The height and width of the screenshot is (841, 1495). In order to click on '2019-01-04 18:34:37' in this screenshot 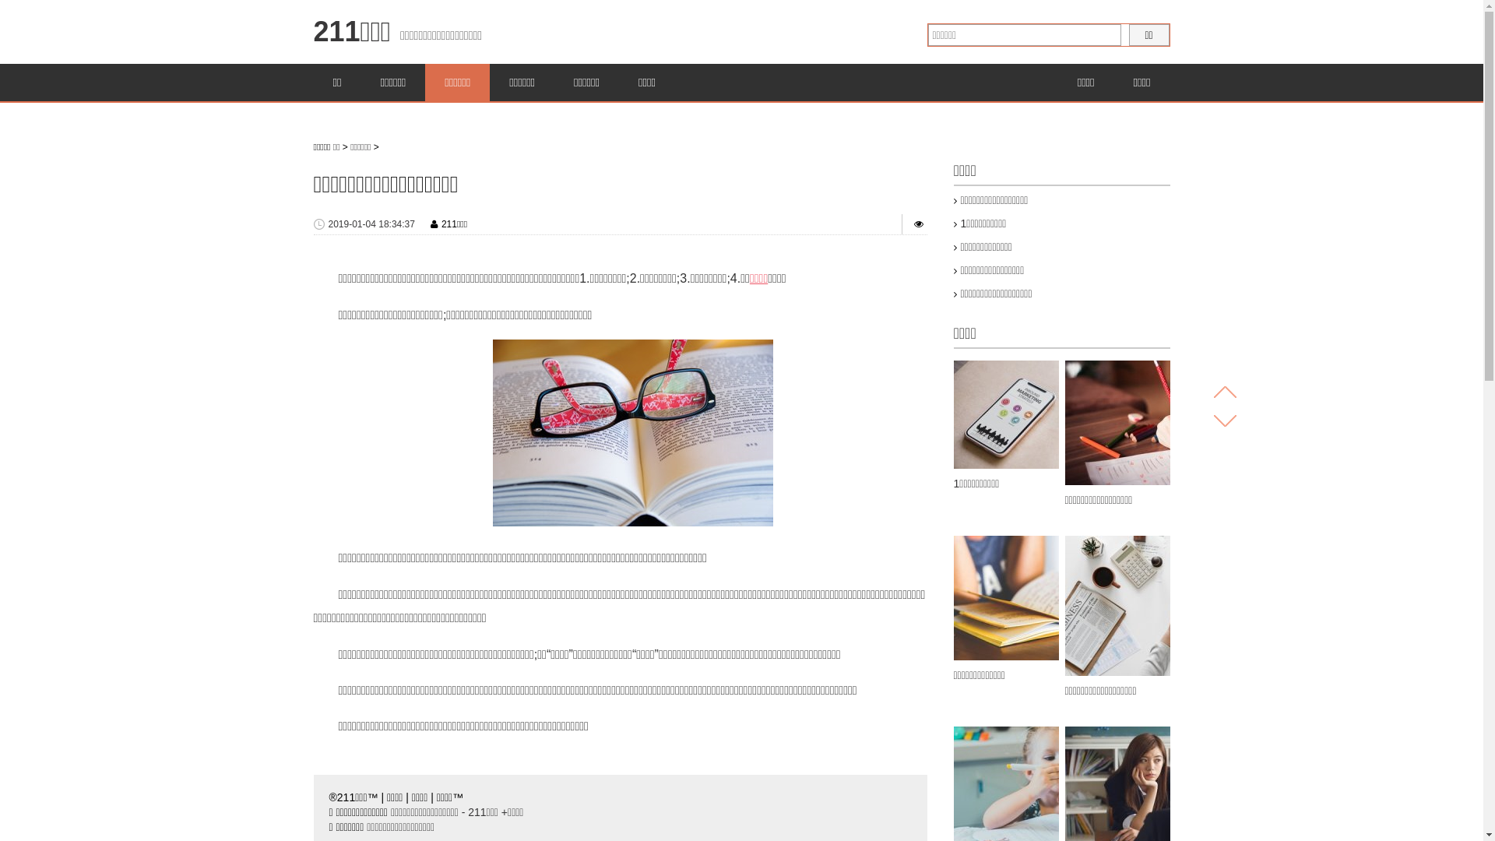, I will do `click(328, 224)`.